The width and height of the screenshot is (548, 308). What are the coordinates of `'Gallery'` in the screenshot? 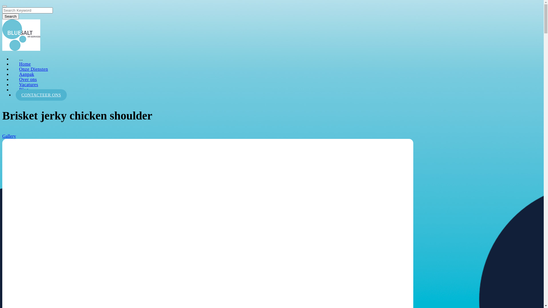 It's located at (9, 136).